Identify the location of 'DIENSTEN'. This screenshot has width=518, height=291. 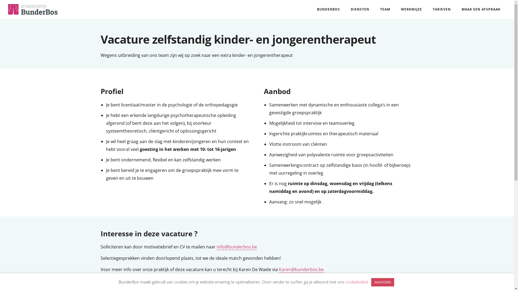
(345, 9).